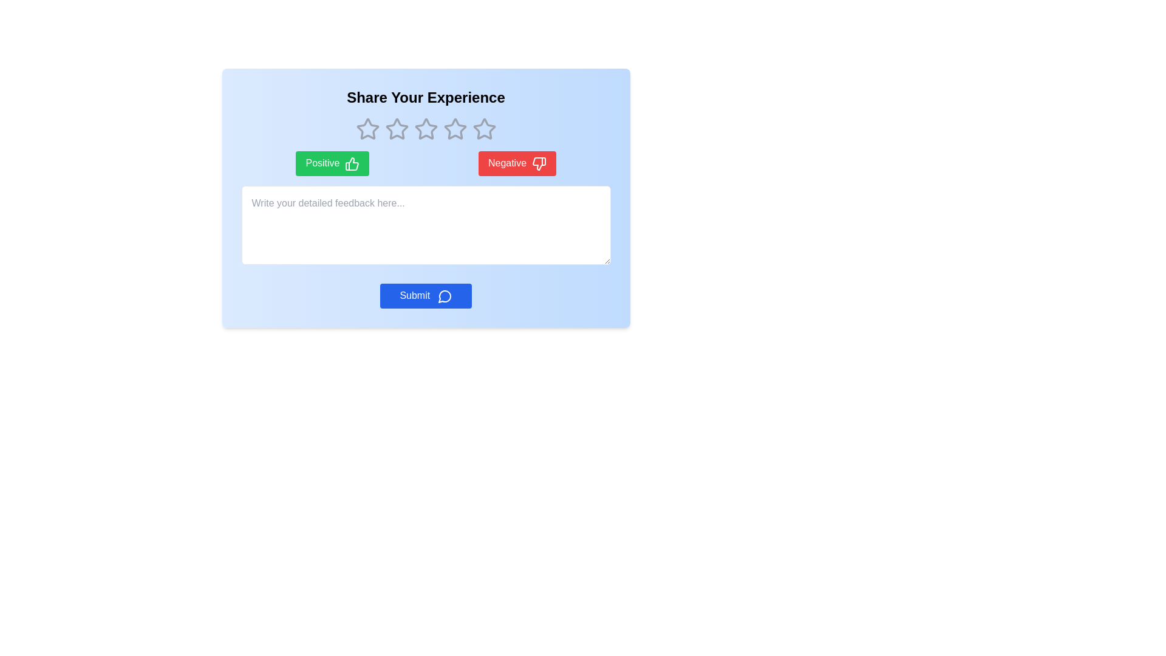  I want to click on the circular speech bubble icon located towards the right end of the blue 'Submit' button at the bottom center of the interface, so click(444, 296).